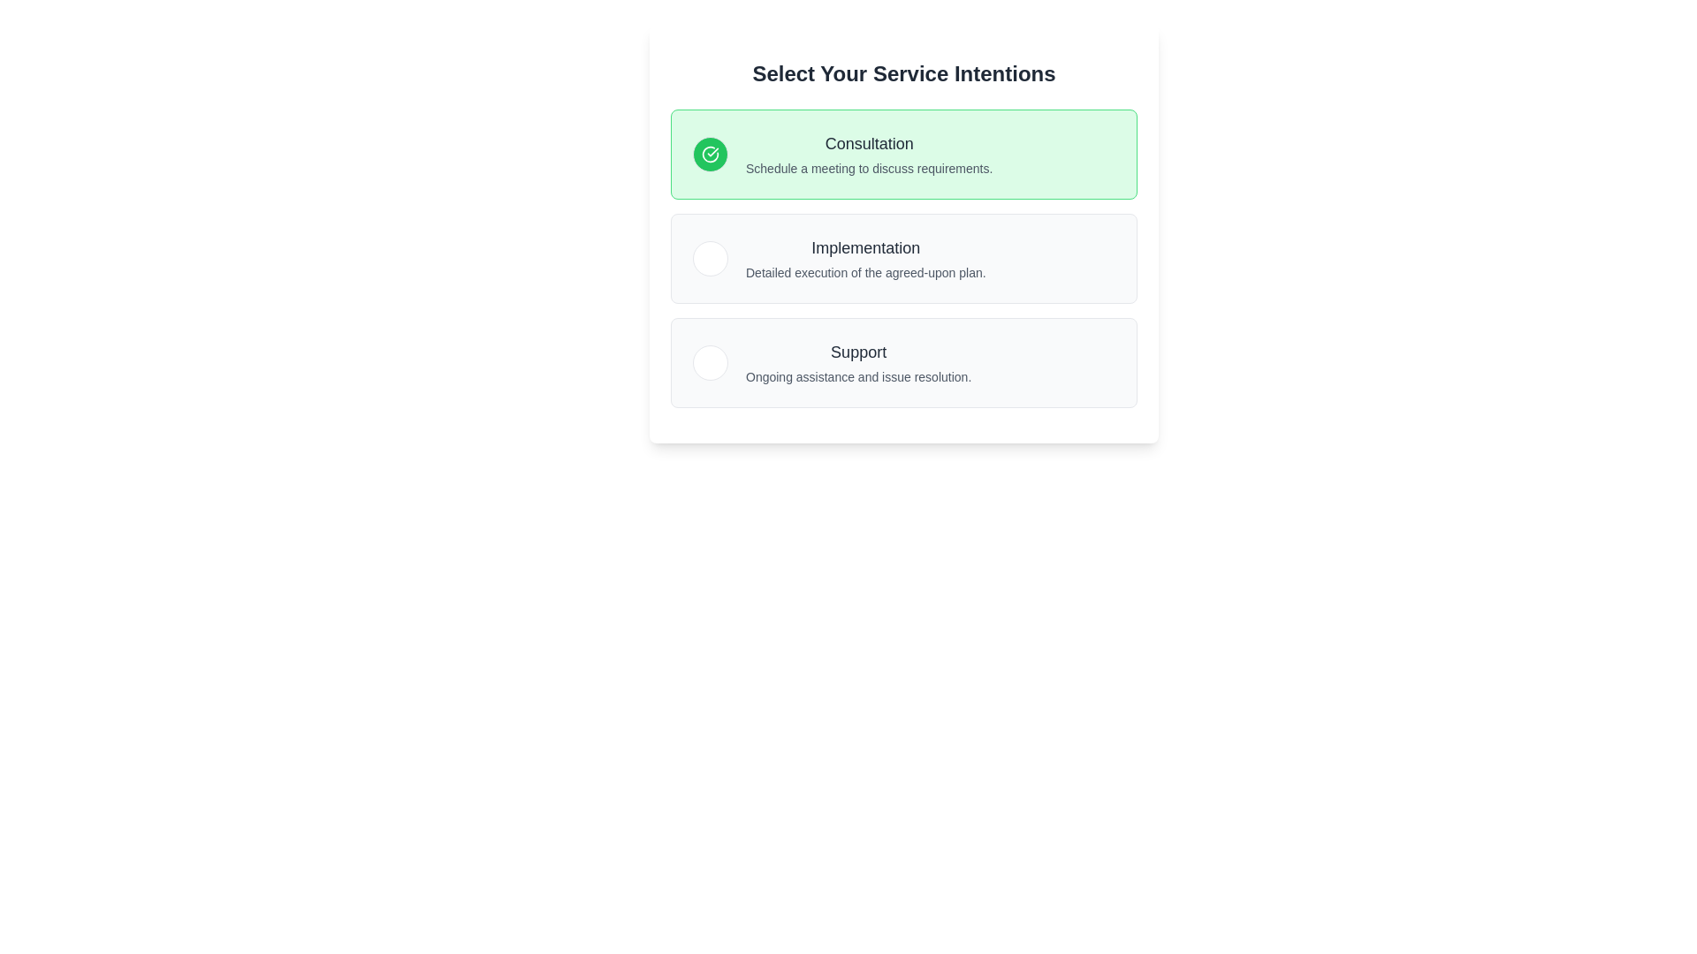  What do you see at coordinates (831, 362) in the screenshot?
I see `the circular icon of the 'Support' service option` at bounding box center [831, 362].